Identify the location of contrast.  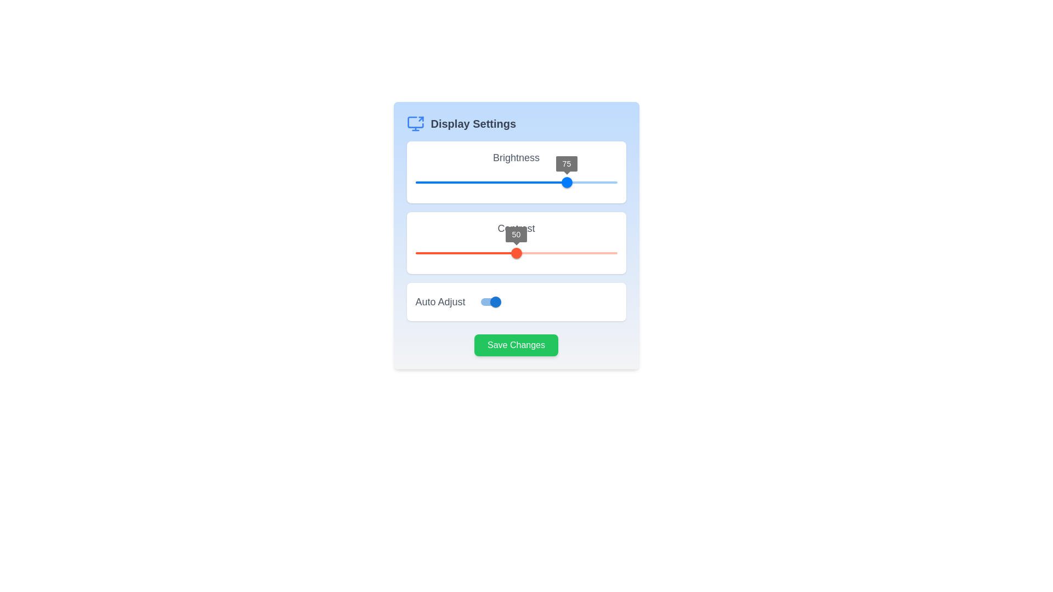
(472, 253).